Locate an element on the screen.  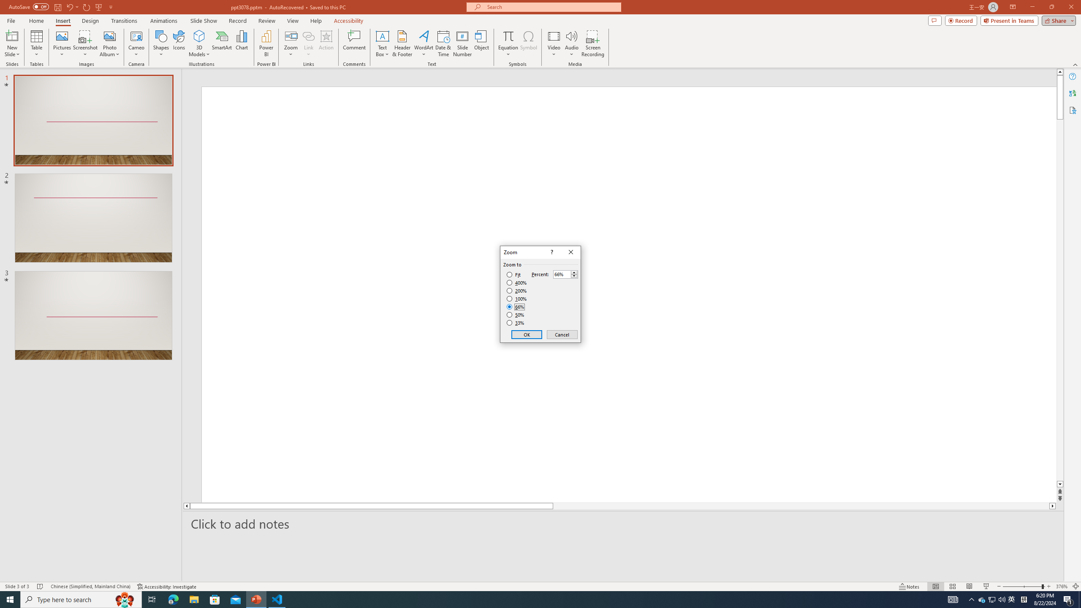
'Power BI' is located at coordinates (266, 43).